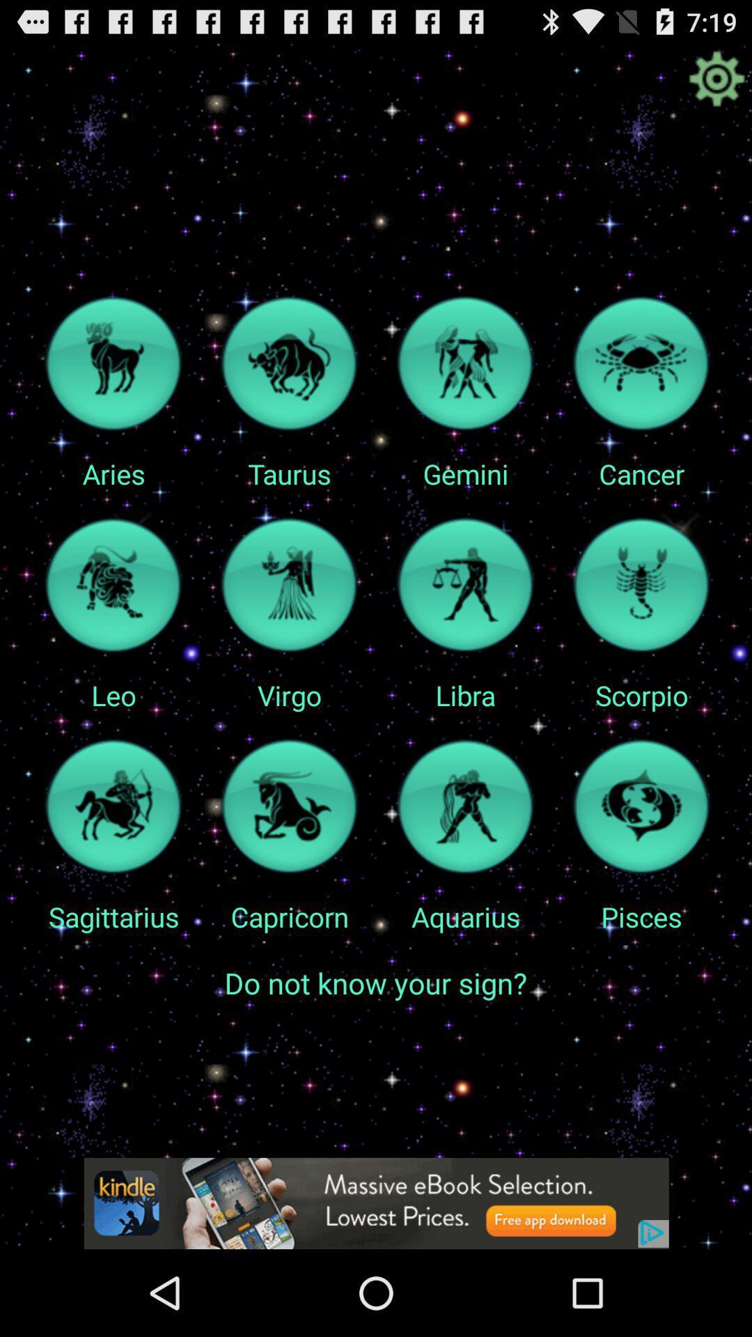  What do you see at coordinates (716, 78) in the screenshot?
I see `setting button` at bounding box center [716, 78].